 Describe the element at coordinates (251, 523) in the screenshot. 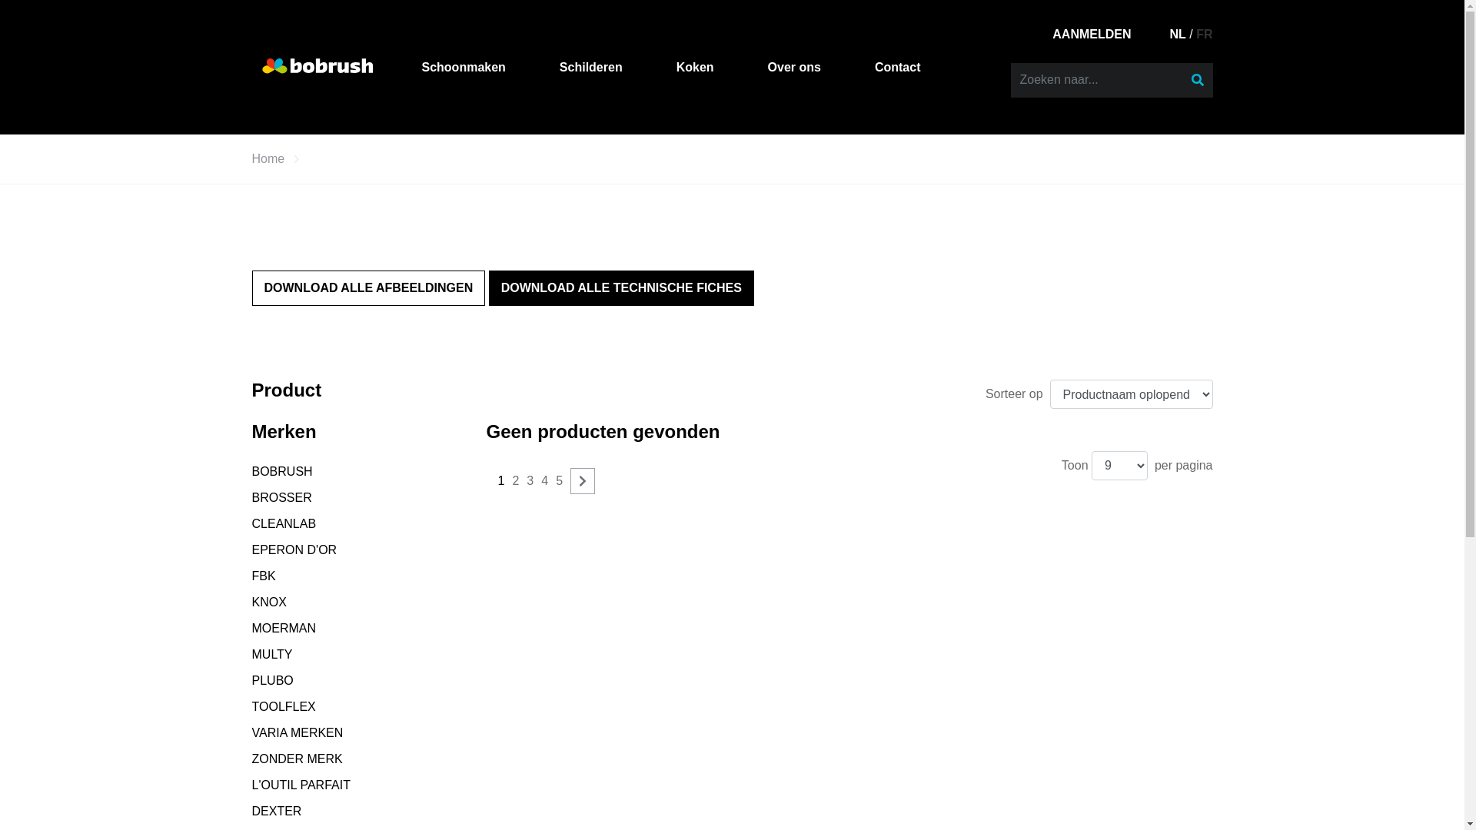

I see `'CLEANLAB'` at that location.